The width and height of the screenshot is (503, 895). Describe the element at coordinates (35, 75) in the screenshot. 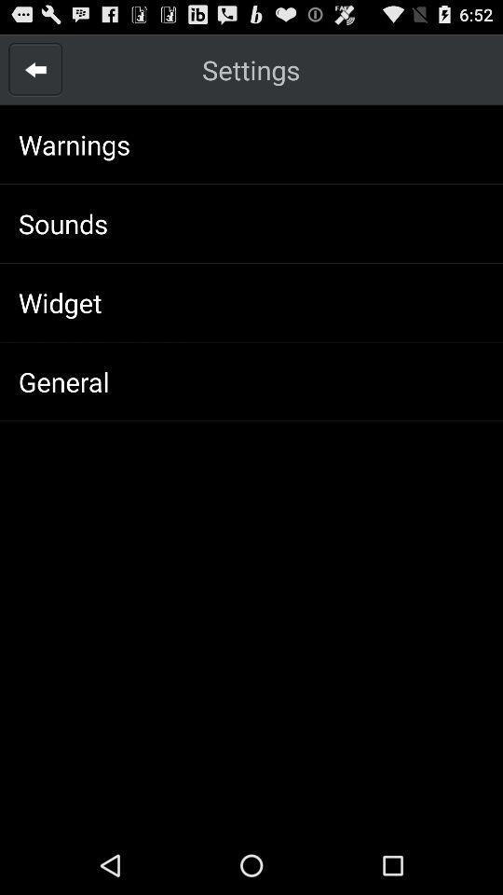

I see `the arrow_backward icon` at that location.